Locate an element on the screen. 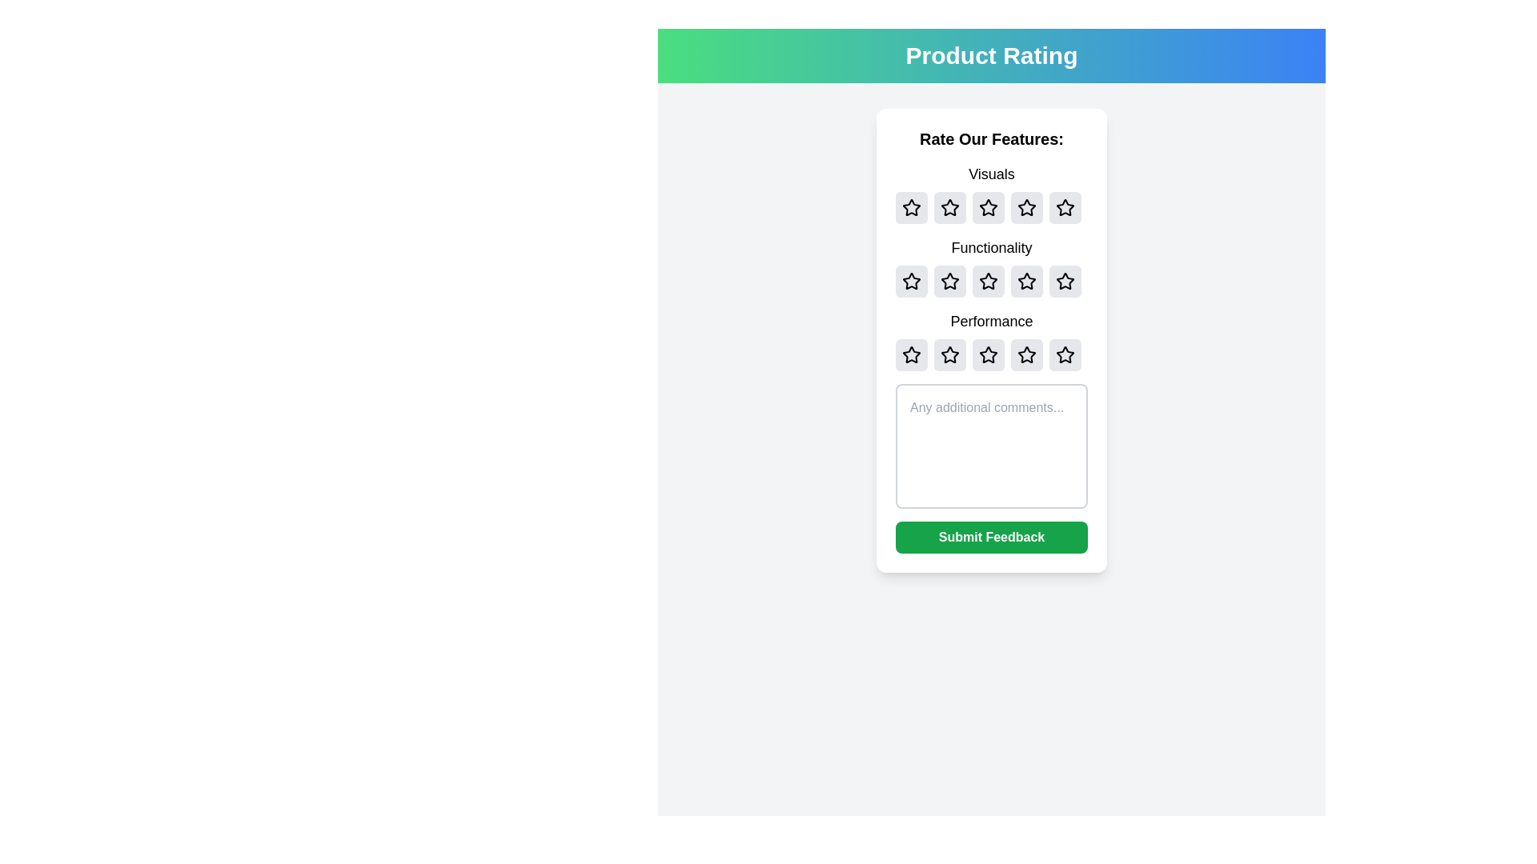 Image resolution: width=1537 pixels, height=864 pixels. the 'Performance' rating component is located at coordinates (990, 339).